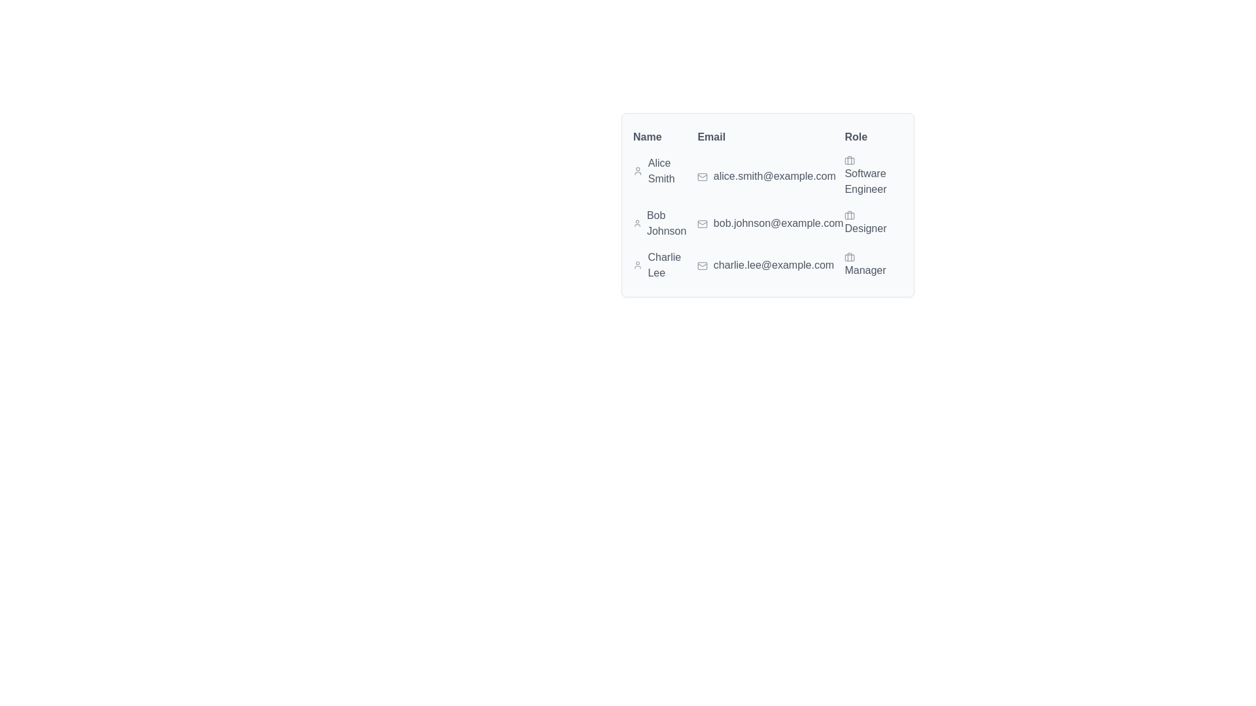 The width and height of the screenshot is (1256, 706). I want to click on the email address displayed, so click(768, 218).